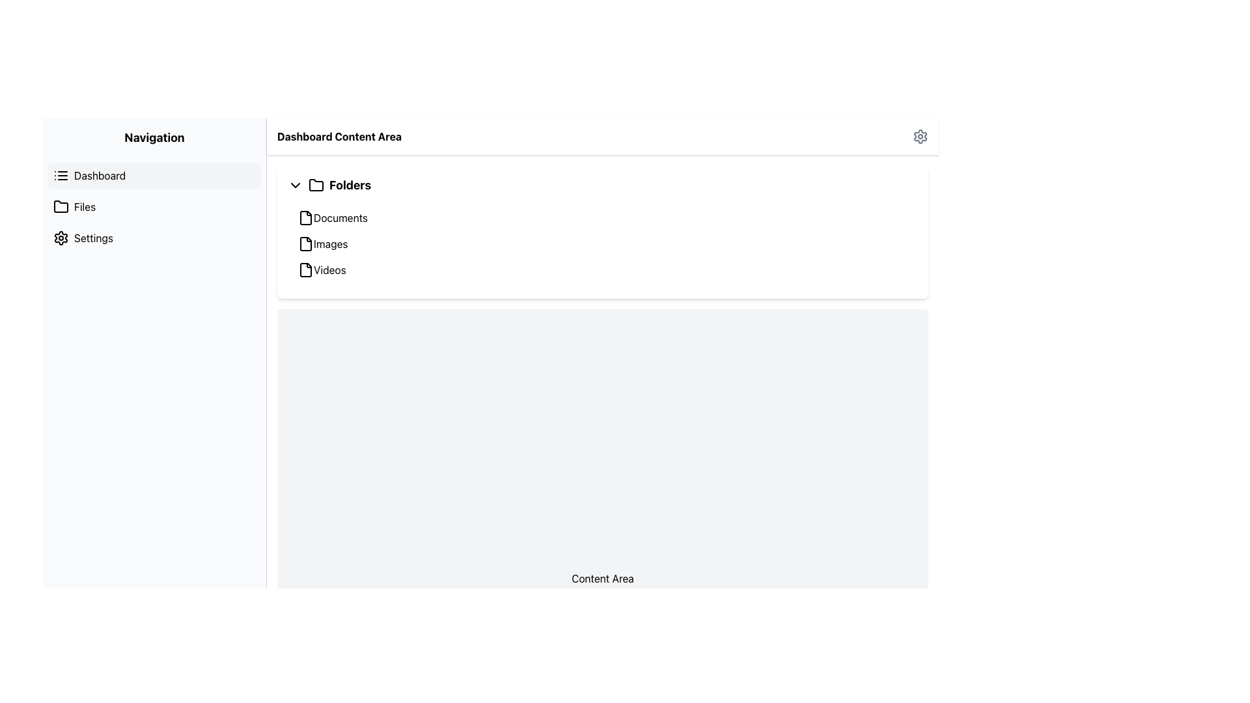  Describe the element at coordinates (602, 136) in the screenshot. I see `the title 'Dashboard Content Area' by interacting with the title bar located at the top of the main content area, which includes a gear icon for settings` at that location.